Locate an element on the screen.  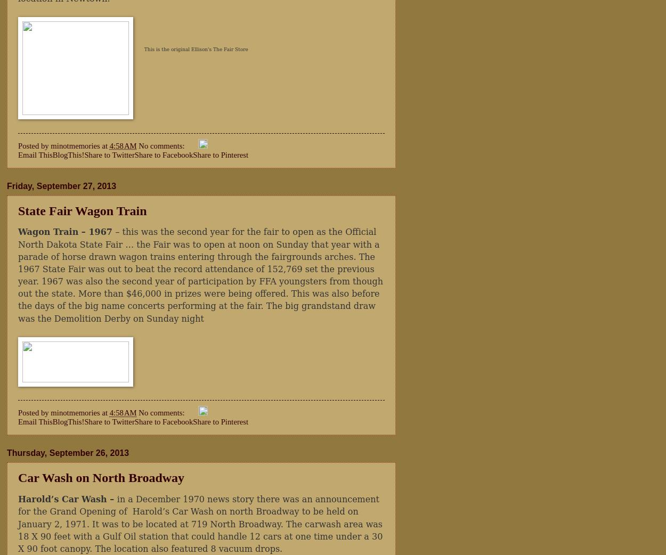
'Wagon Train – 1967' is located at coordinates (67, 232).